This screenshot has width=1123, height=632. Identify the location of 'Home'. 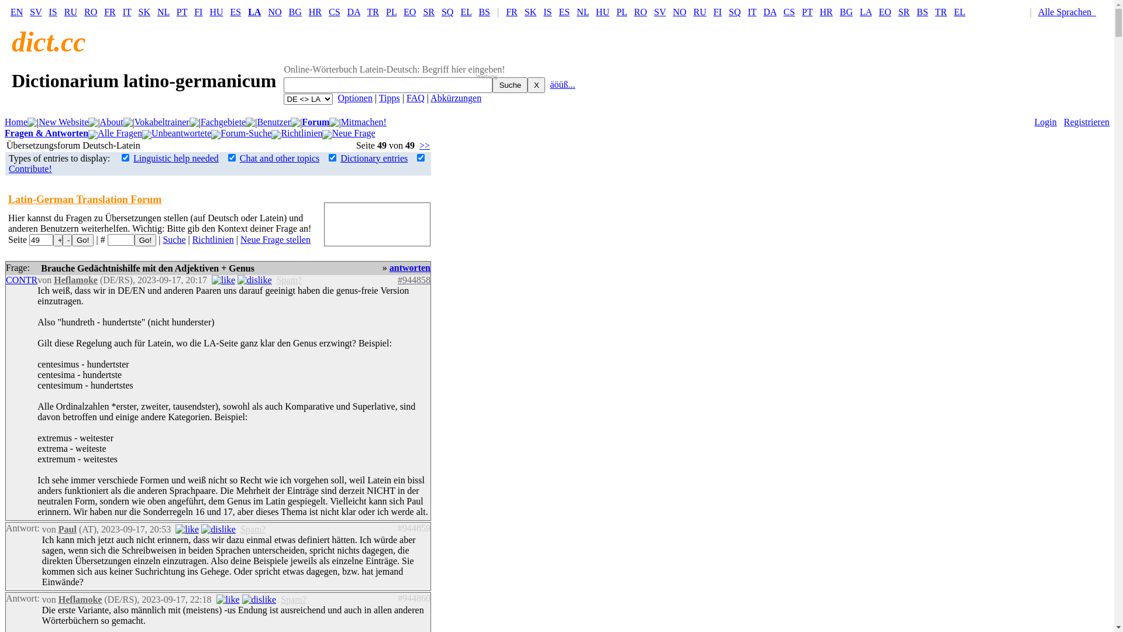
(16, 122).